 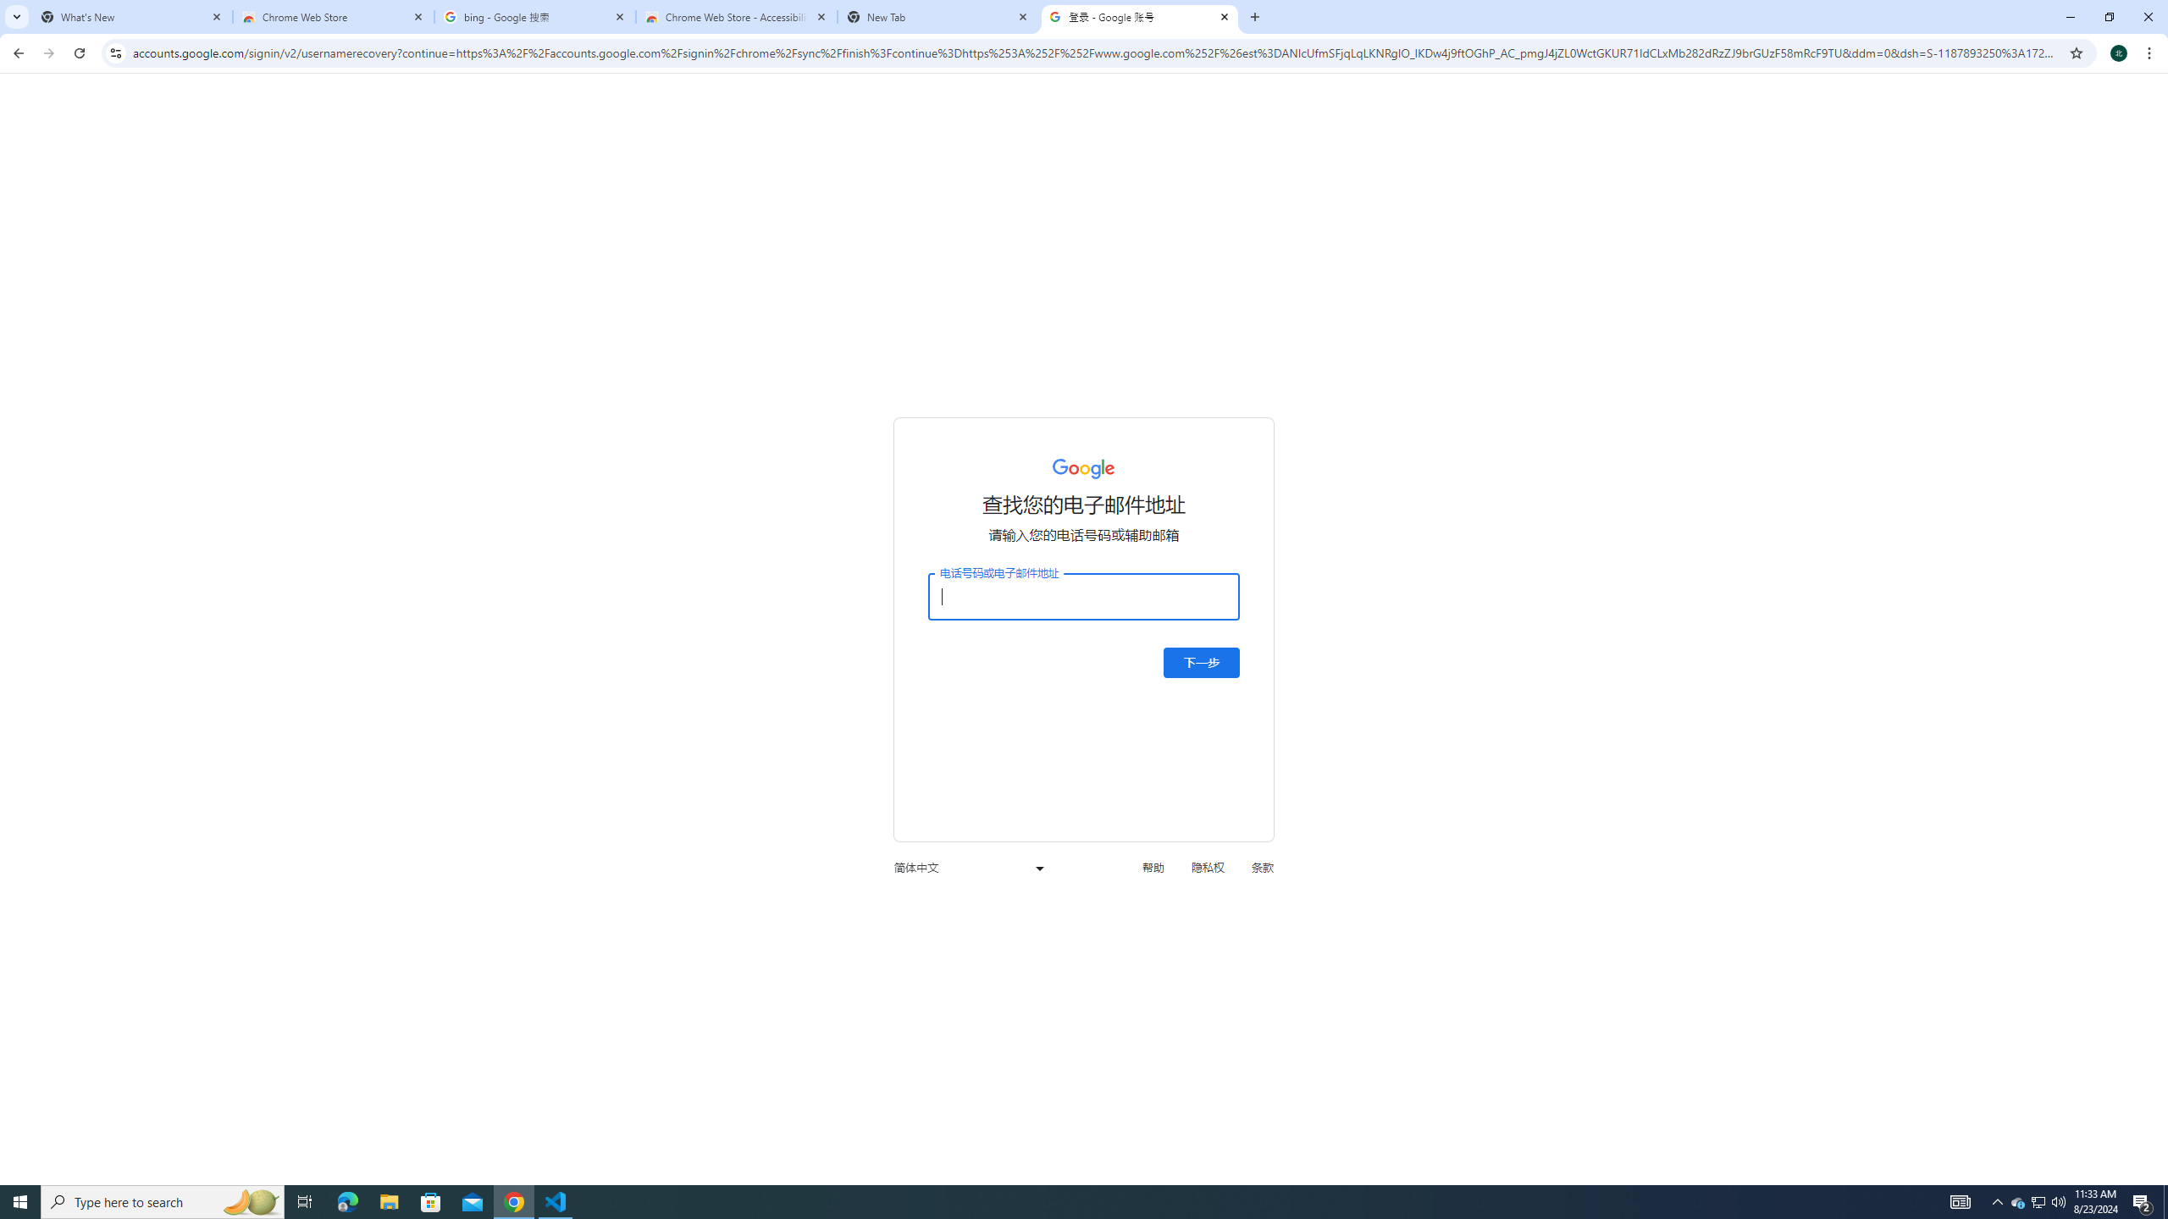 I want to click on 'Undo Apply Quick Style Set', so click(x=238, y=26).